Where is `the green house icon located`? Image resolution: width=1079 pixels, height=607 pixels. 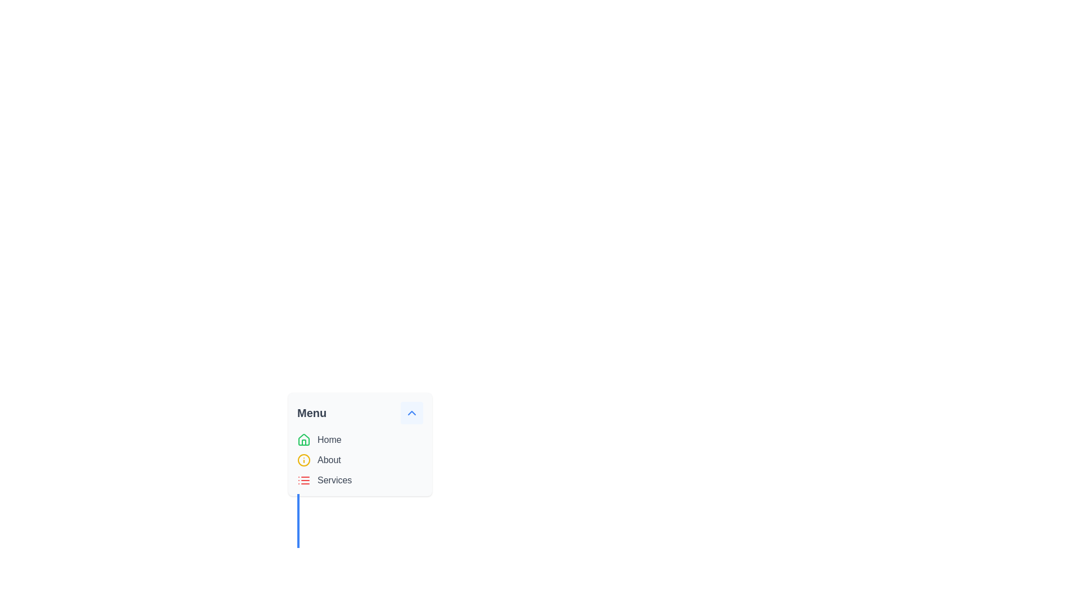 the green house icon located is located at coordinates (304, 439).